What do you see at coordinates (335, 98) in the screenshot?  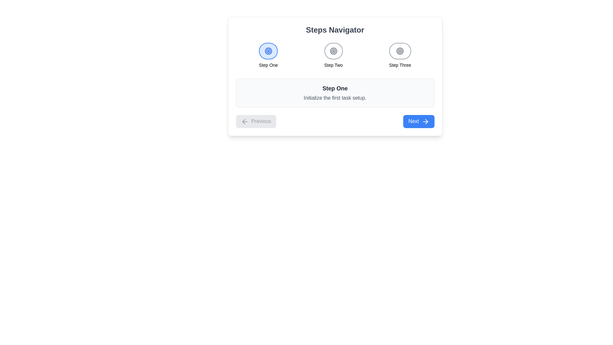 I see `the Static Text element that provides additional descriptive information for 'Step One', located directly below the header text` at bounding box center [335, 98].